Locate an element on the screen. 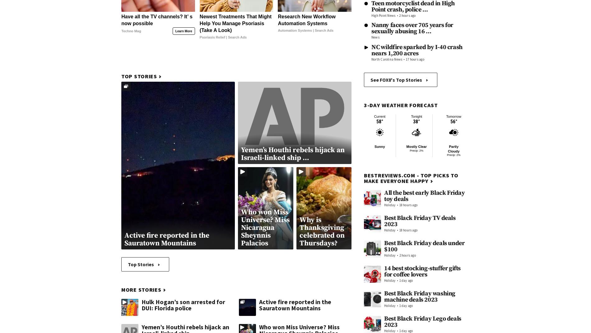  'BestReviews.com - Top picks to make everyone happy' is located at coordinates (411, 177).